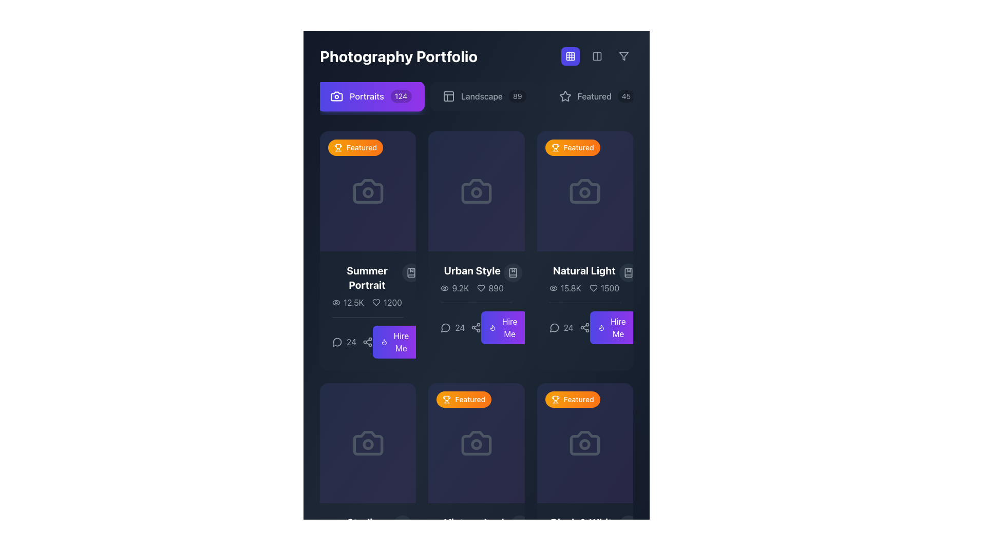 The height and width of the screenshot is (554, 986). Describe the element at coordinates (569, 328) in the screenshot. I see `the numerical text '24' displayed in light gray, located at the bottom of the 'Natural Light' card, between the speech bubble and node connection icons, to interact with it if interactivity exists` at that location.